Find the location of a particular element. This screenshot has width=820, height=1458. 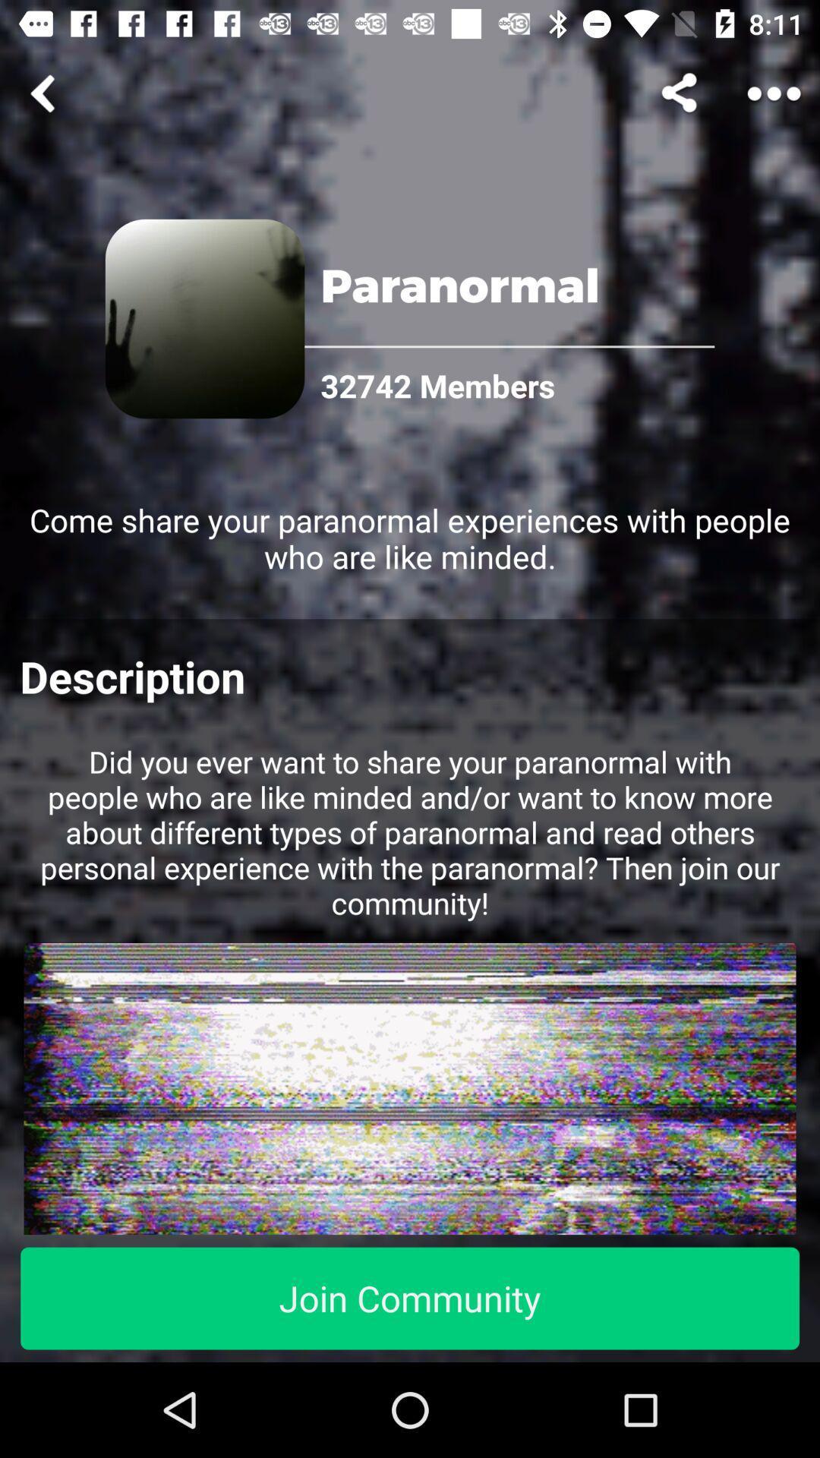

the arrow_backward icon is located at coordinates (45, 93).